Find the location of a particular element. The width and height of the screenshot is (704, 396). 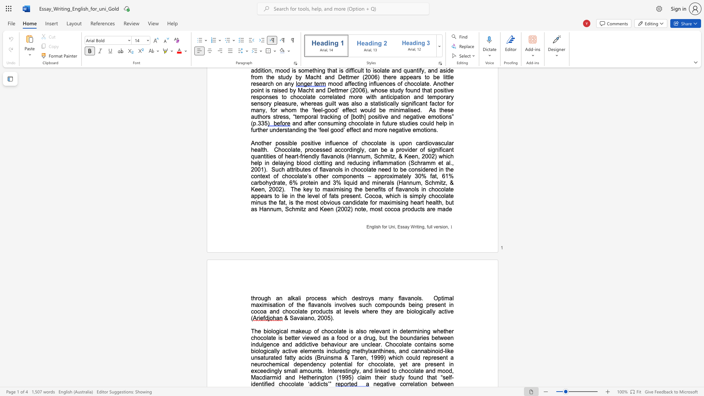

the subset text "ptimal maximisation of the flavanols involves such compounds being present in cocoa and chocolate products at levels where they are biolo" within the text "Optimal maximisation of the flavanols involves such compounds being present in cocoa and chocolate products at levels where they are biologically active (" is located at coordinates (438, 298).